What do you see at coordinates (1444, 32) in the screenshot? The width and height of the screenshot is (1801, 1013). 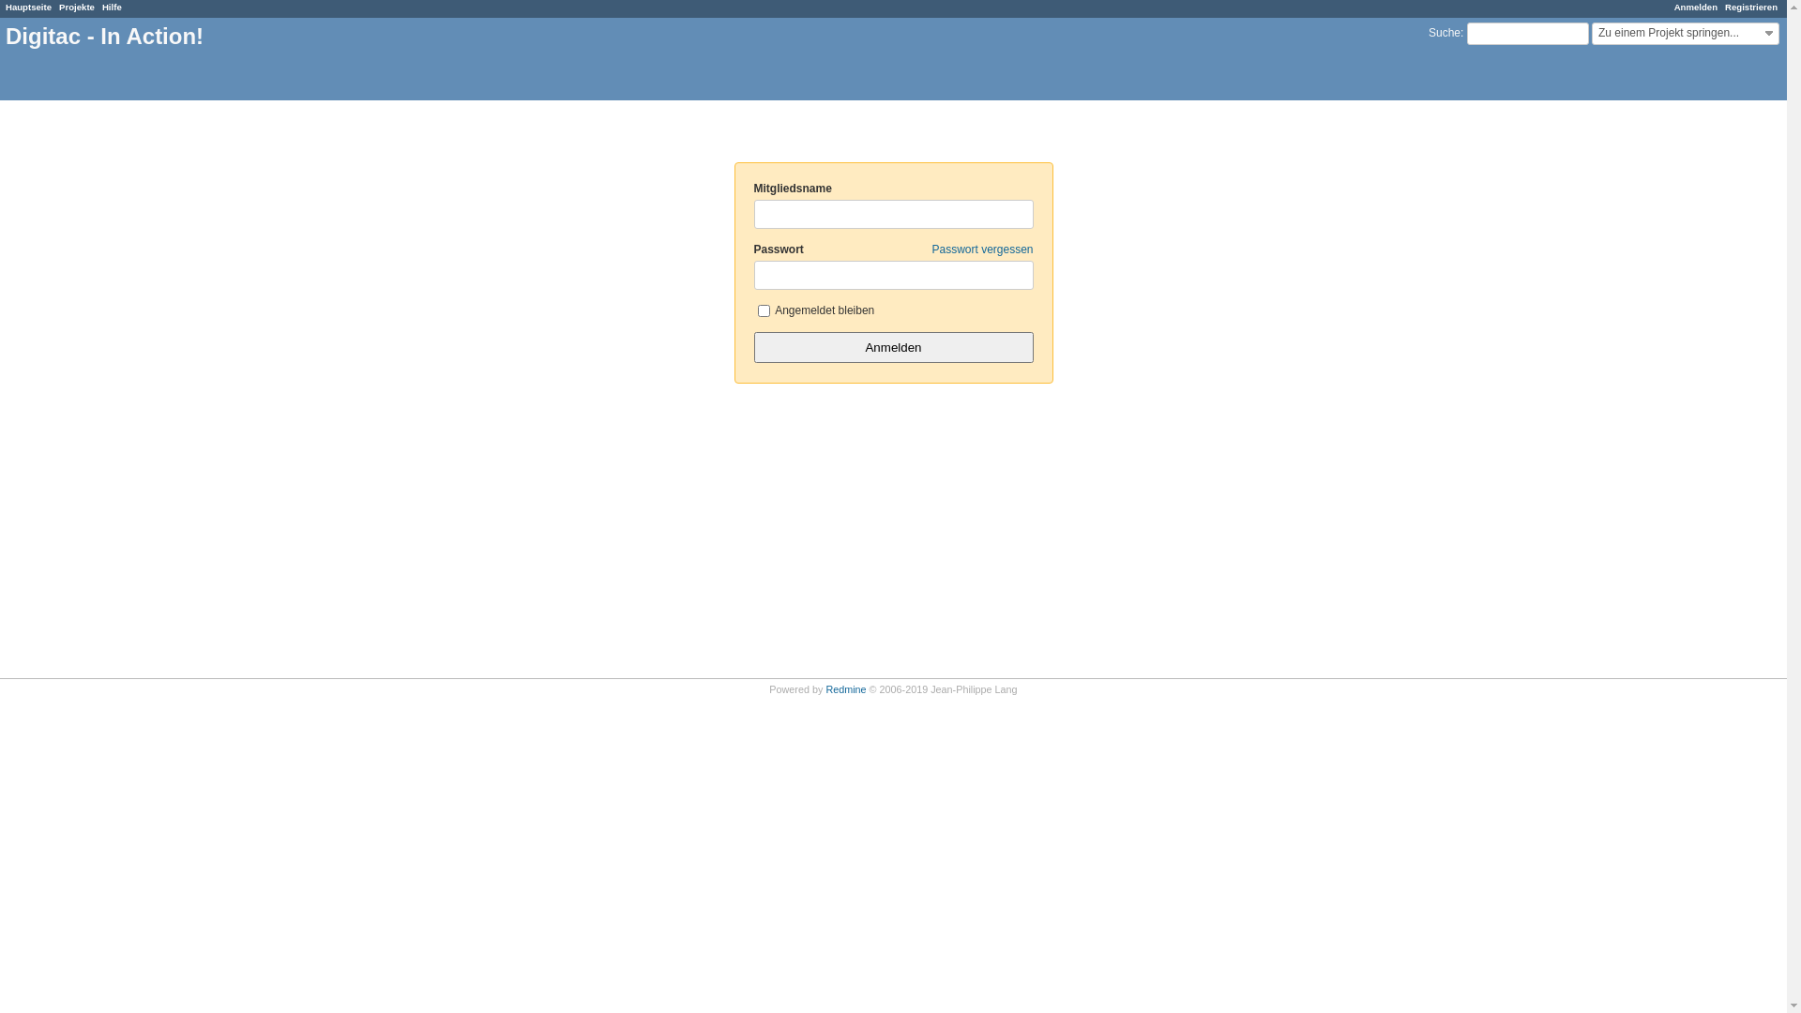 I see `'Suche'` at bounding box center [1444, 32].